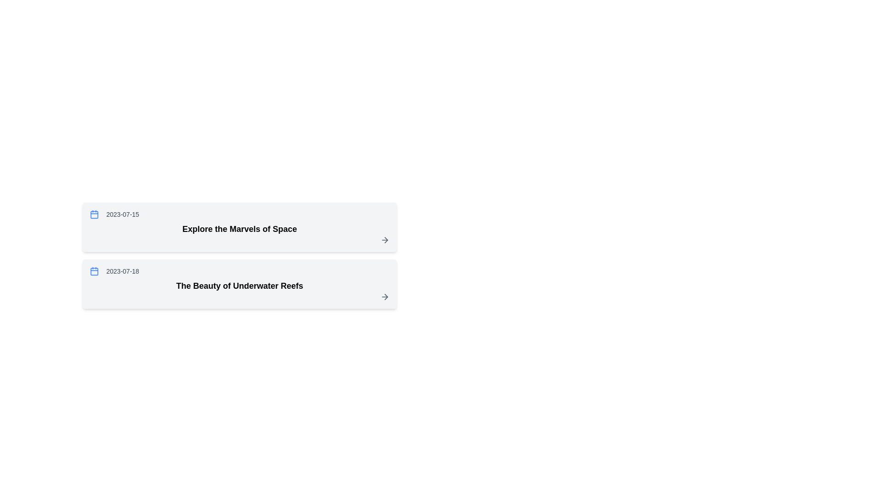 The height and width of the screenshot is (495, 880). What do you see at coordinates (386, 240) in the screenshot?
I see `the graphical icon located at the right end of the list item dated '2023-07-15' titled 'Explore the Marvels of Space'` at bounding box center [386, 240].